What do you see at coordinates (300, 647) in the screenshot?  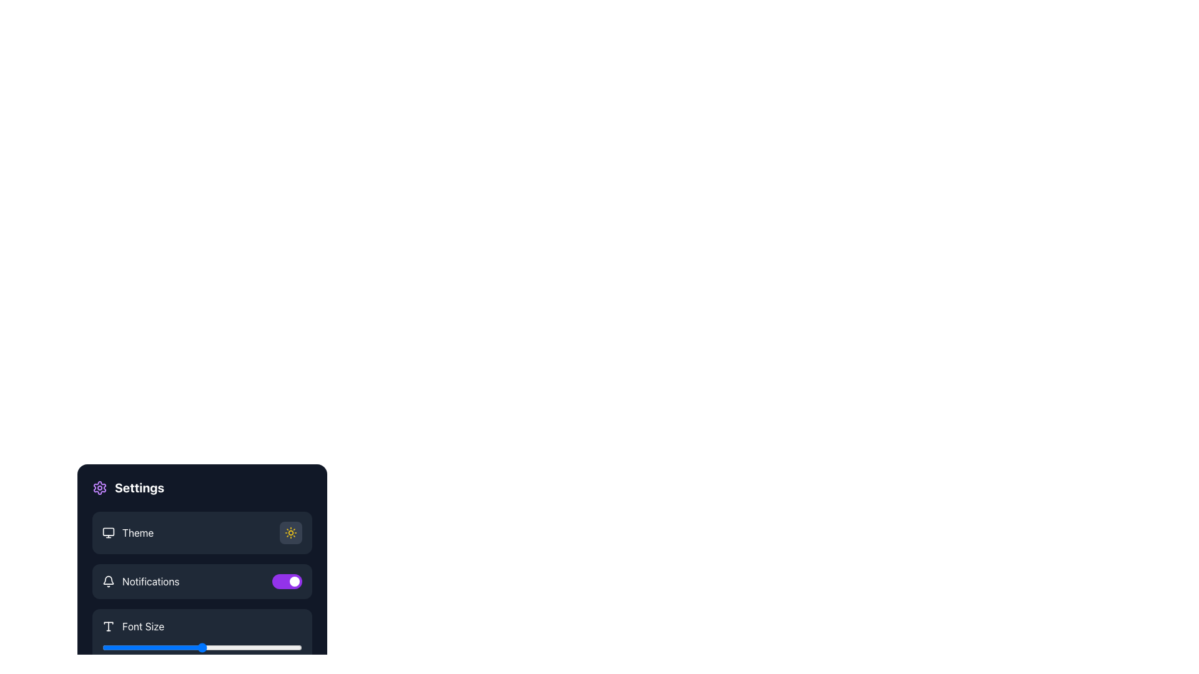 I see `the font size` at bounding box center [300, 647].